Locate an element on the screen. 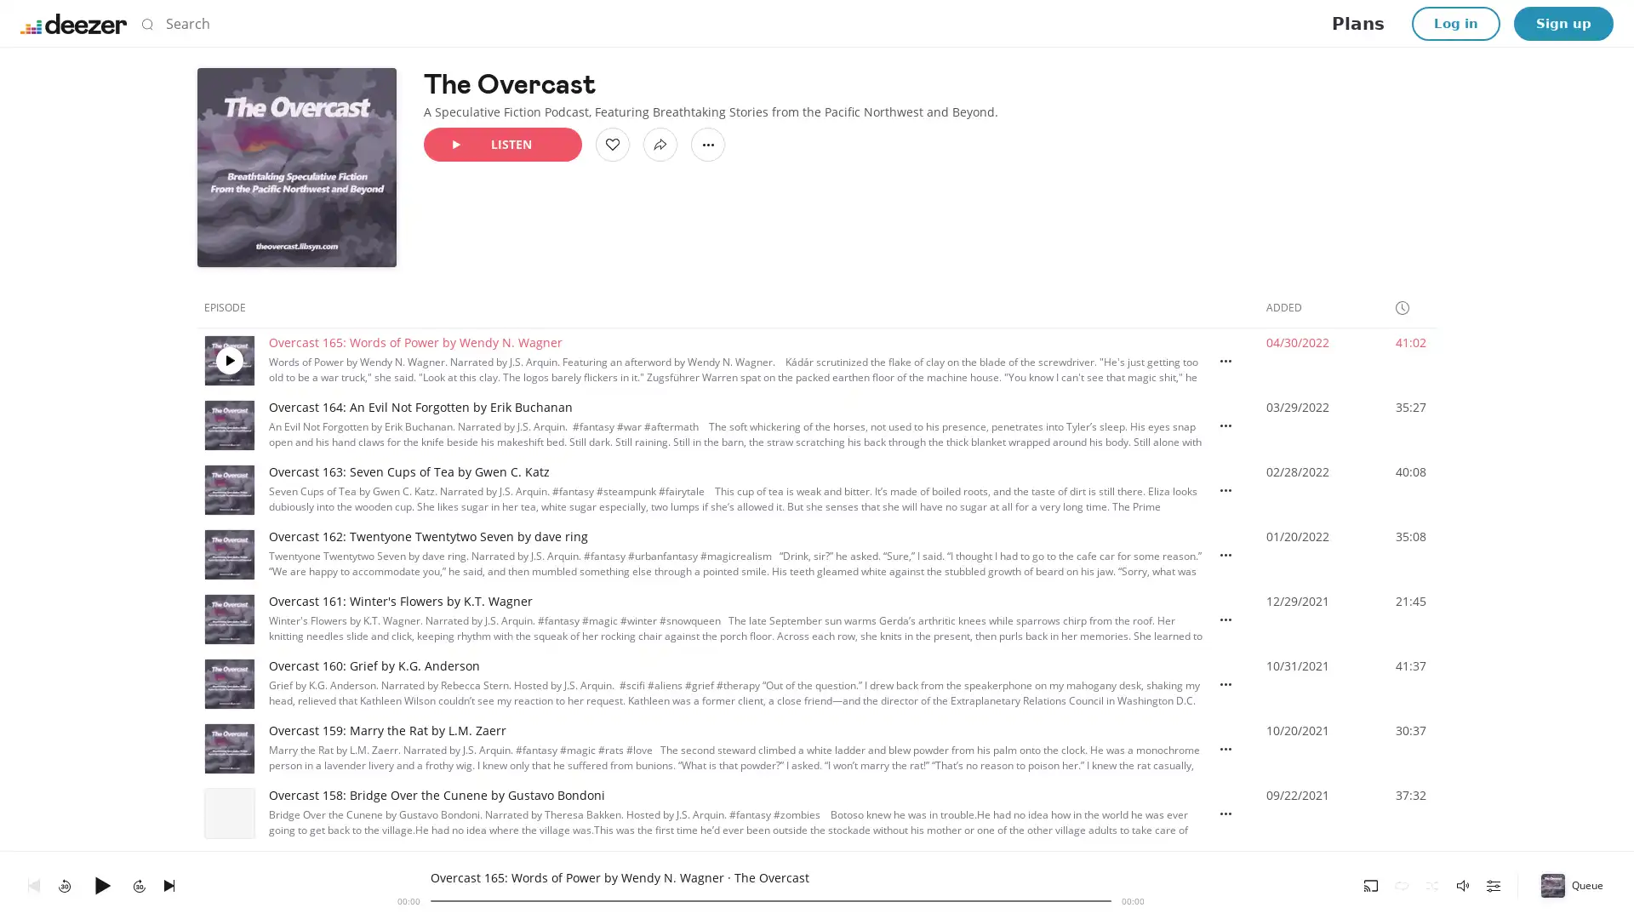  Play Overcast 159: Marry the Rat by L.M. Zaerr by The Overcast is located at coordinates (228, 747).